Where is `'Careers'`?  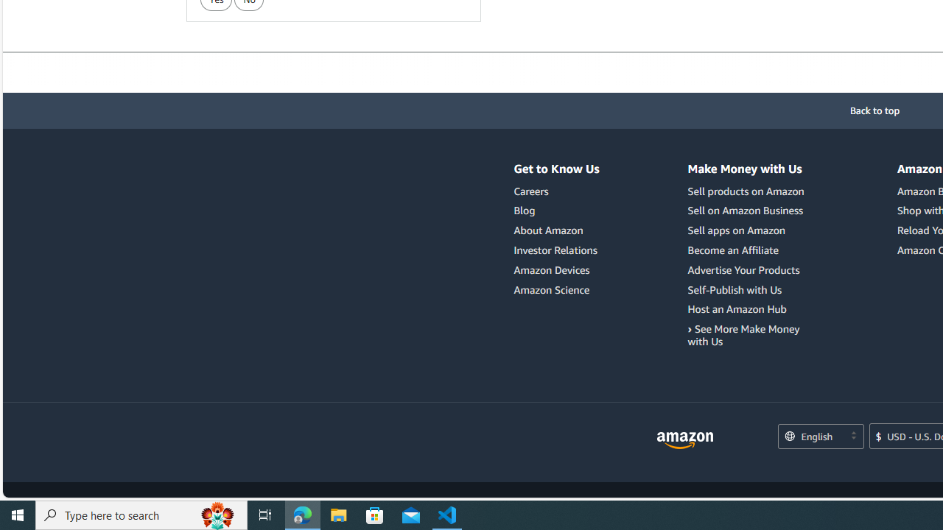 'Careers' is located at coordinates (530, 190).